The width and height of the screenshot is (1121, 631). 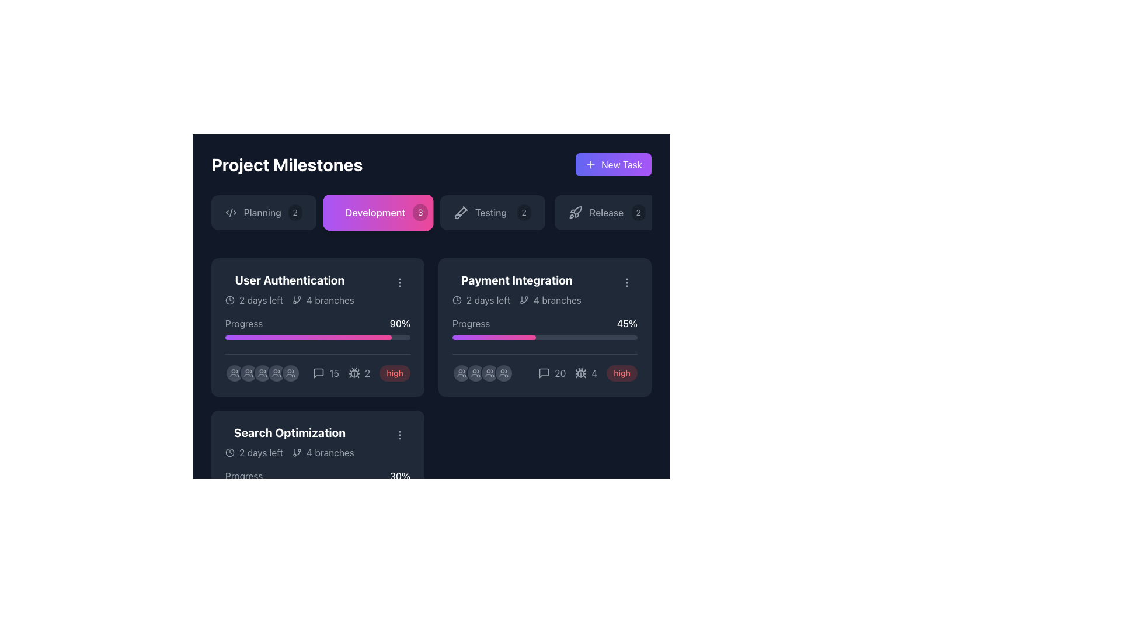 I want to click on progress percentage displayed on the progress bar labeled 'Progress' which shows '90%' on the right side, so click(x=318, y=328).